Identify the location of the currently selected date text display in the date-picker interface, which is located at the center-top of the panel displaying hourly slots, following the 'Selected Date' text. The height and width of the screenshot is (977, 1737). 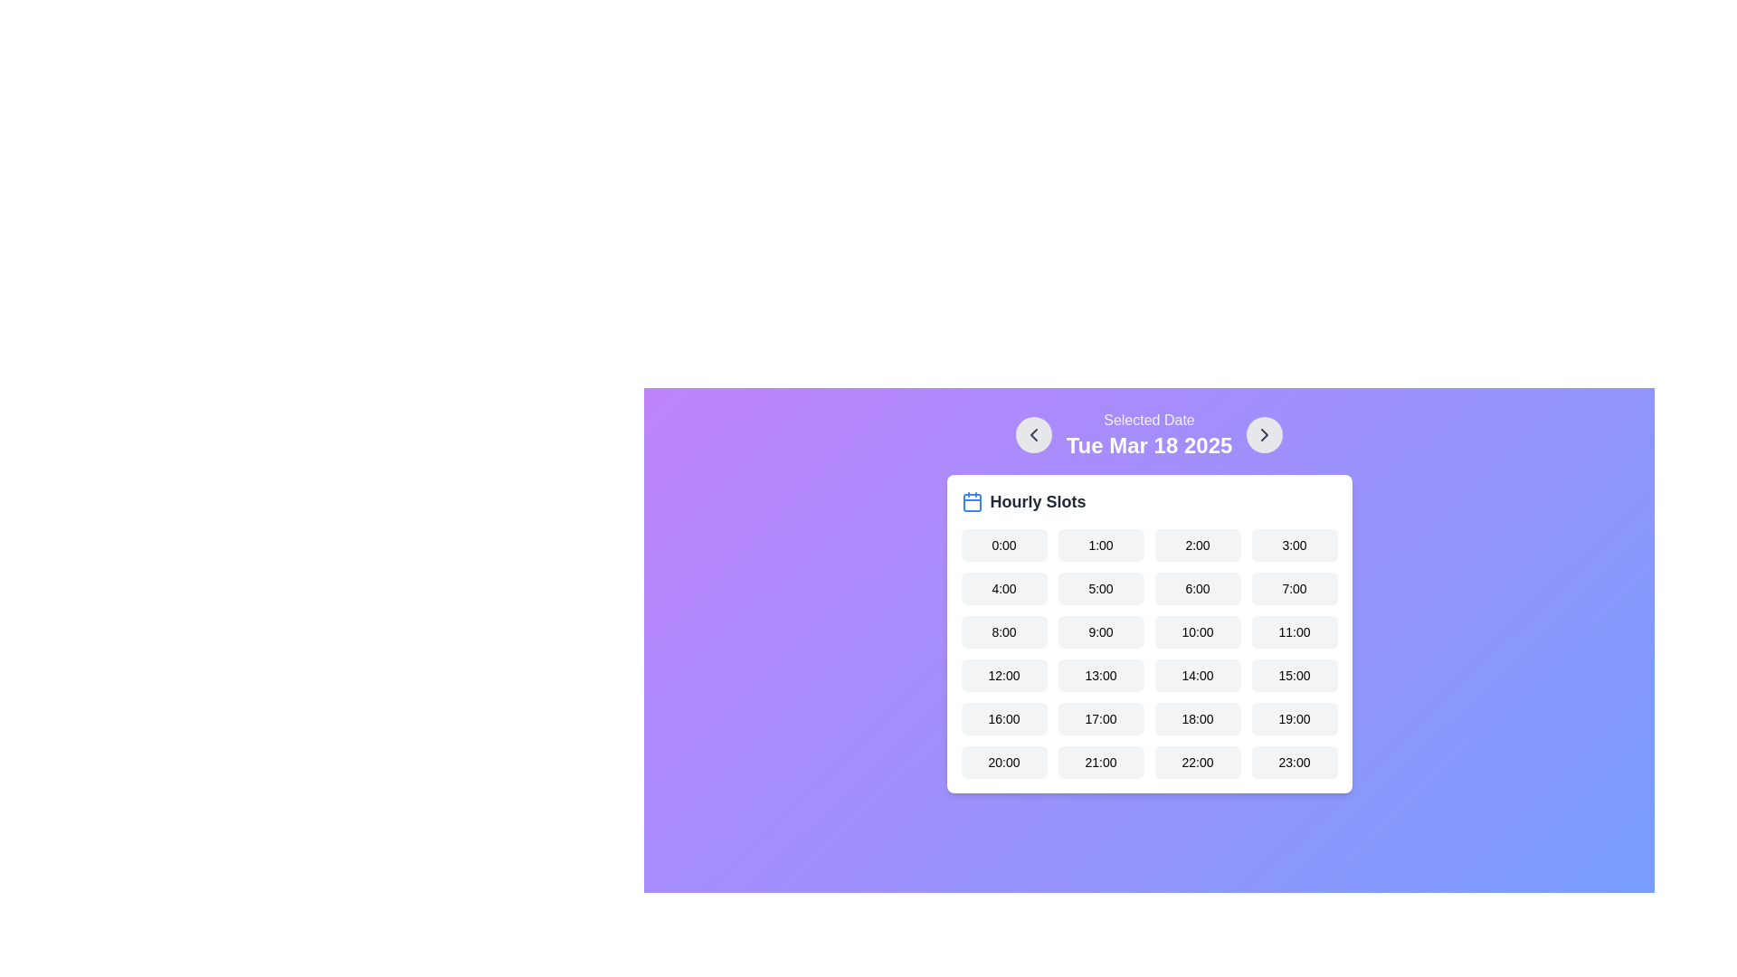
(1148, 446).